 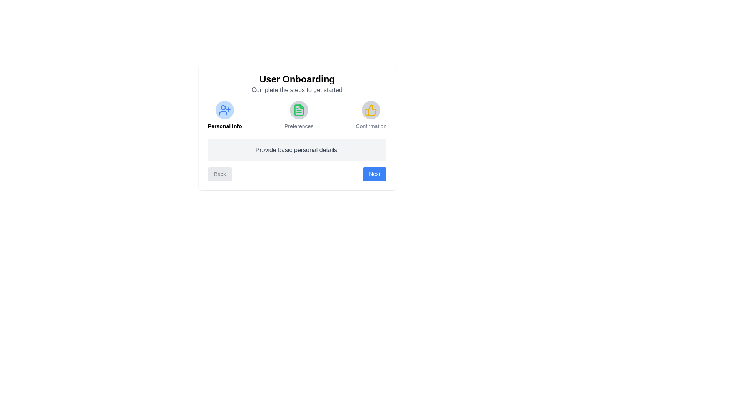 I want to click on the step Confirmation to navigate to the respective step, so click(x=371, y=116).